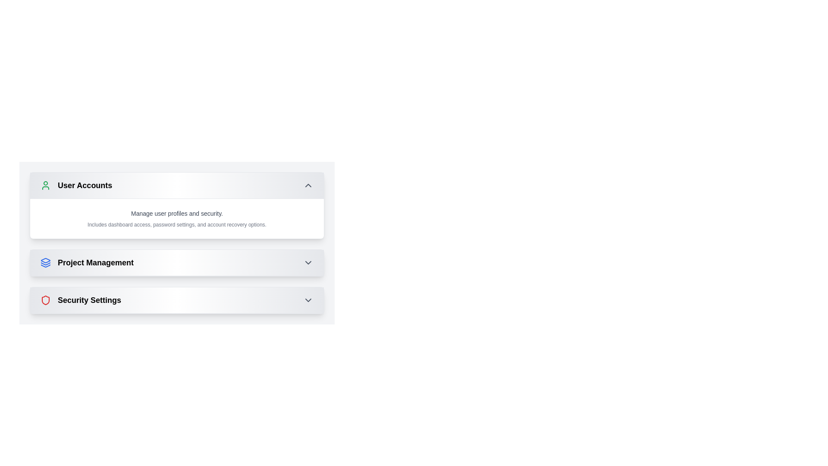 The width and height of the screenshot is (828, 466). I want to click on the Collapsible Header element that serves as a toggle for expanding or collapsing content below it, allowing for keyboard navigation, so click(176, 185).